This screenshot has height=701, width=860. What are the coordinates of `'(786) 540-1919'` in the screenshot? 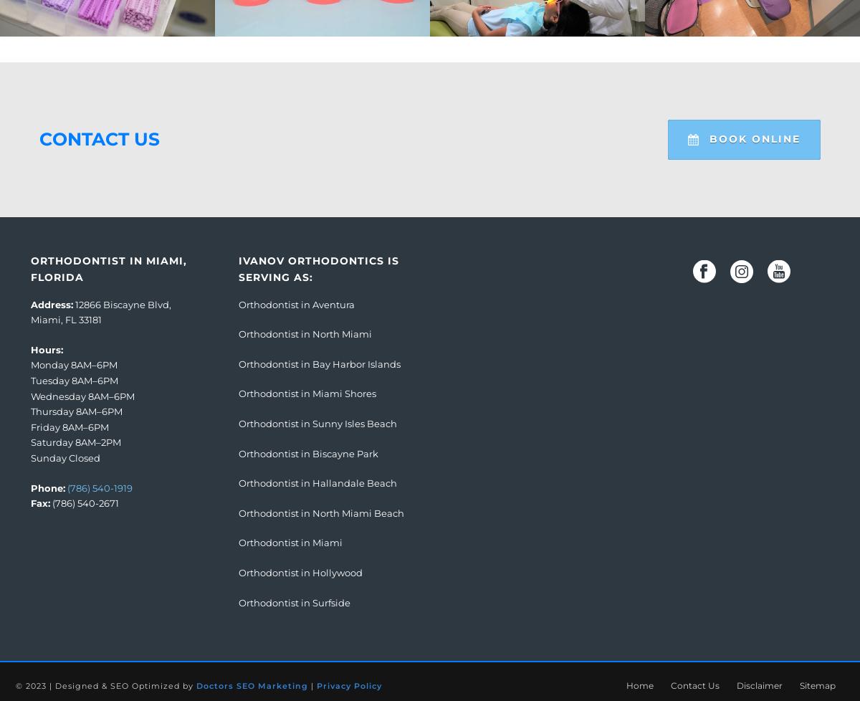 It's located at (100, 487).